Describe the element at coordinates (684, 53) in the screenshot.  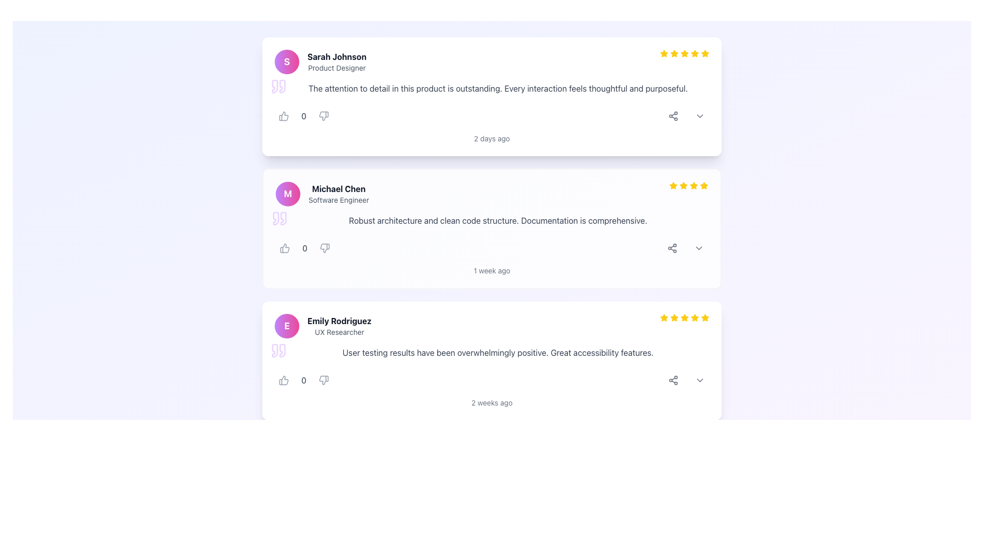
I see `on the fourth star icon from the left in the 5-star rating bar on the top card containing Sarah Johnson's review` at that location.